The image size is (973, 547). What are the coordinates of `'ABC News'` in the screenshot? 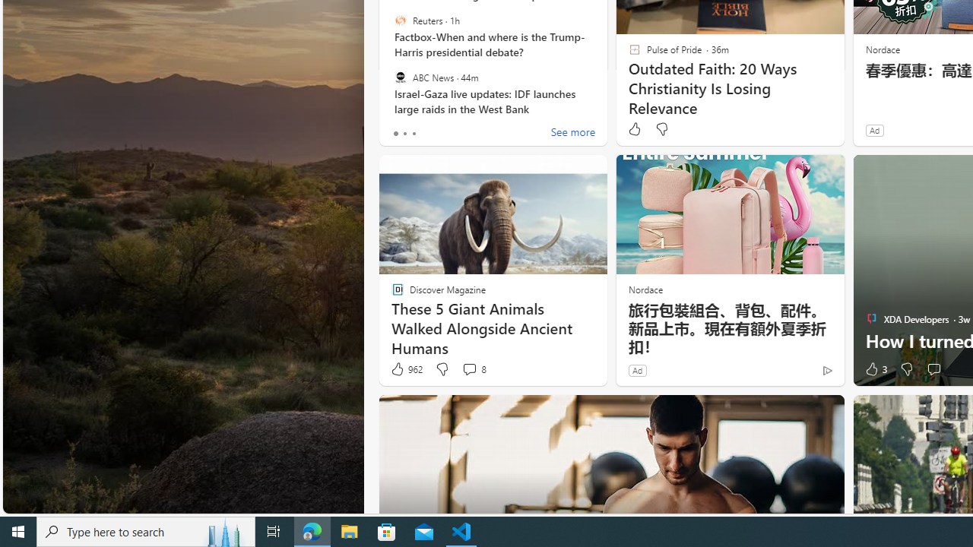 It's located at (400, 77).